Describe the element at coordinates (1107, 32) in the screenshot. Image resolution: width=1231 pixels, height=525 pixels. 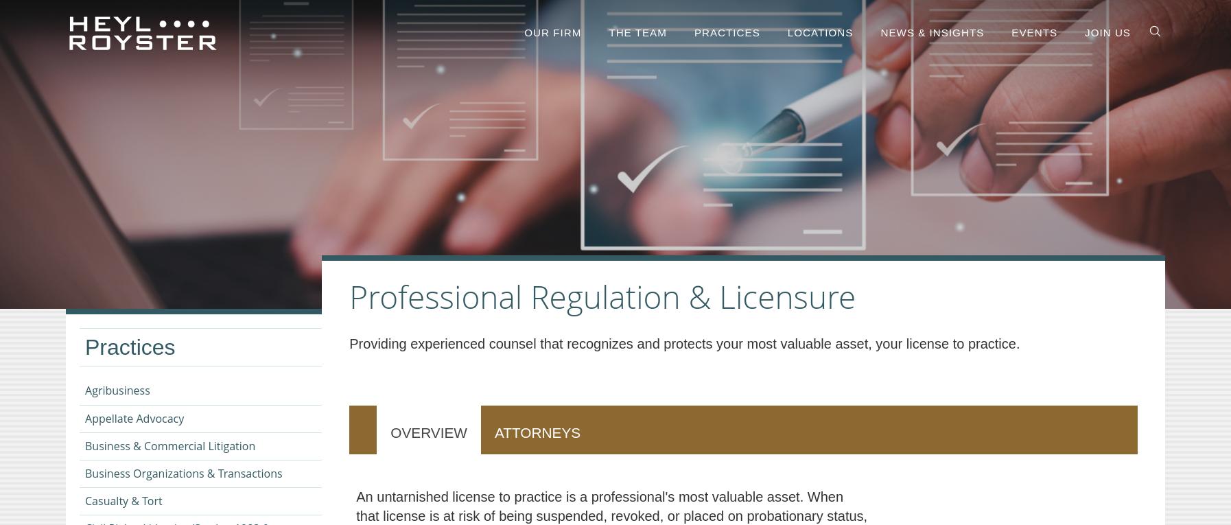
I see `'Join us'` at that location.